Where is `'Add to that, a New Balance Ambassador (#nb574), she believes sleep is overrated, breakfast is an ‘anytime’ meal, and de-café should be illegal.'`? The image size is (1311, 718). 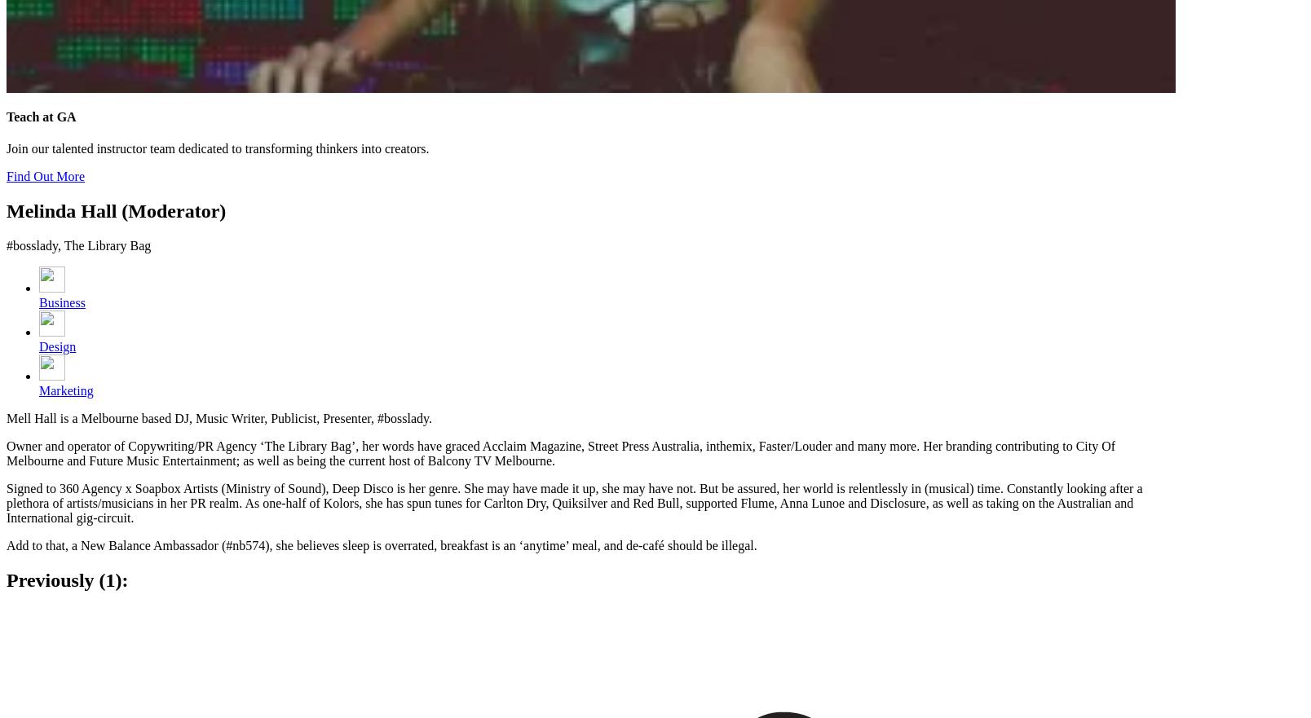 'Add to that, a New Balance Ambassador (#nb574), she believes sleep is overrated, breakfast is an ‘anytime’ meal, and de-café should be illegal.' is located at coordinates (6, 545).